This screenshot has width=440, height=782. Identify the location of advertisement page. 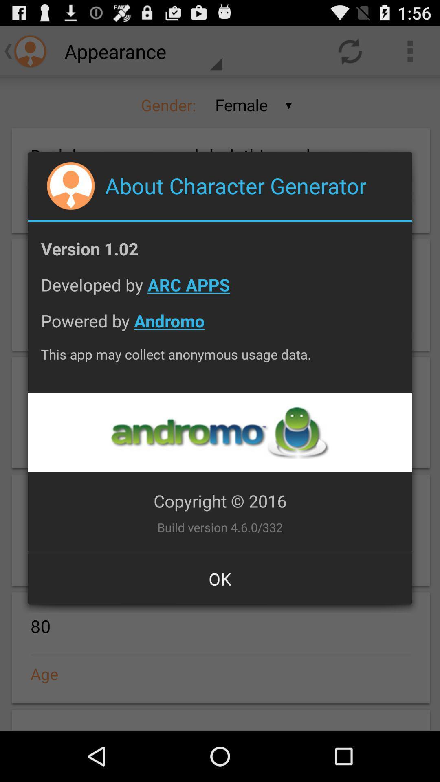
(219, 432).